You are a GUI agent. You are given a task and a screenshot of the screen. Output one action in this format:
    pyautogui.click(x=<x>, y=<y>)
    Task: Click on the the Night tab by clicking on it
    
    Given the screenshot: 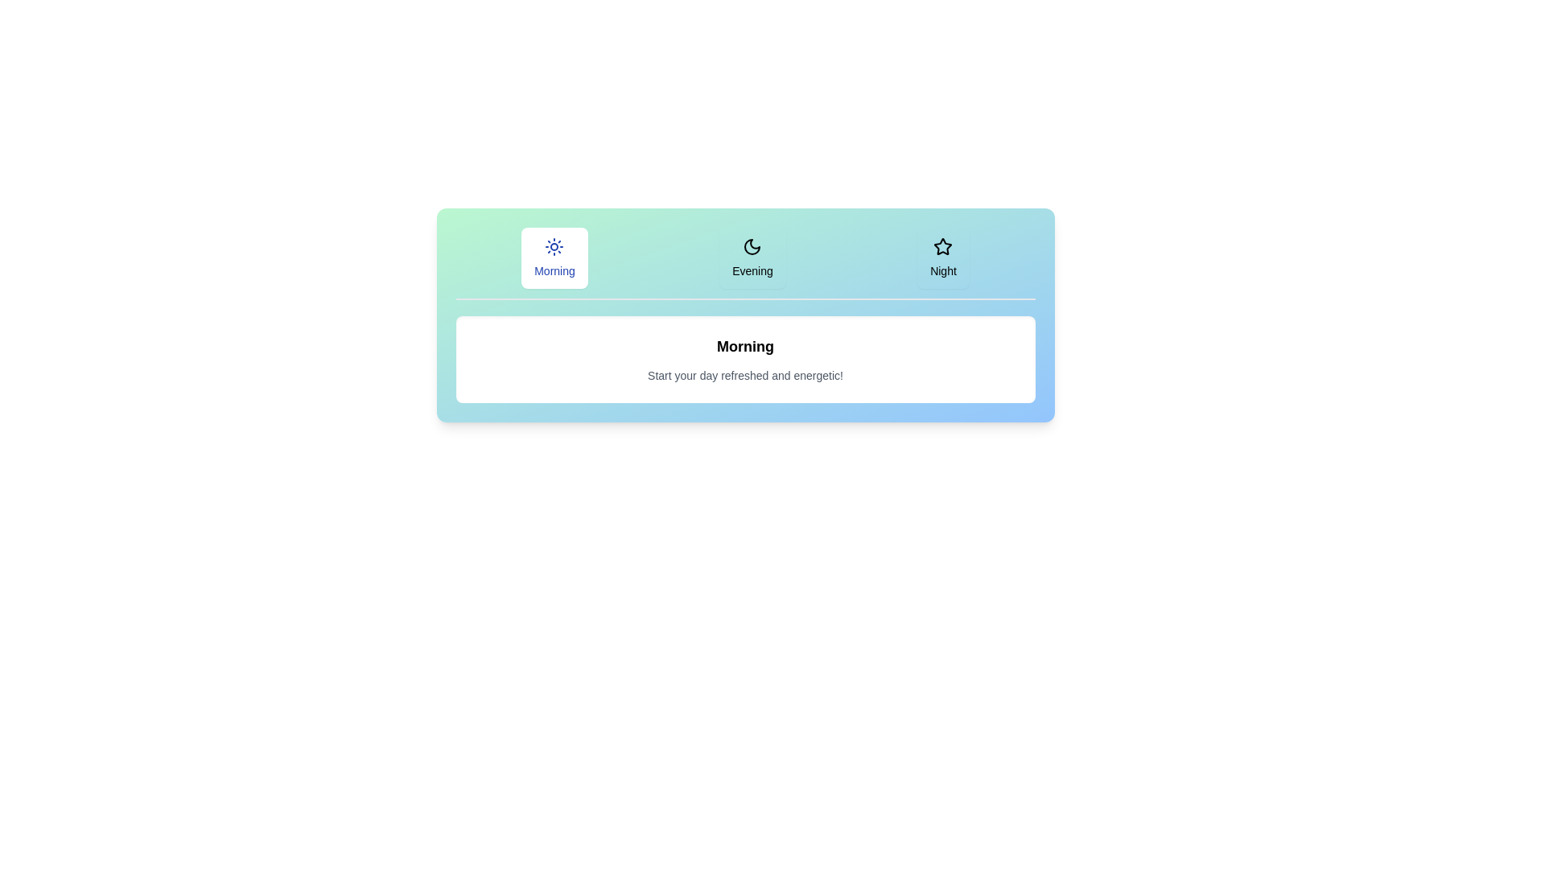 What is the action you would take?
    pyautogui.click(x=943, y=257)
    